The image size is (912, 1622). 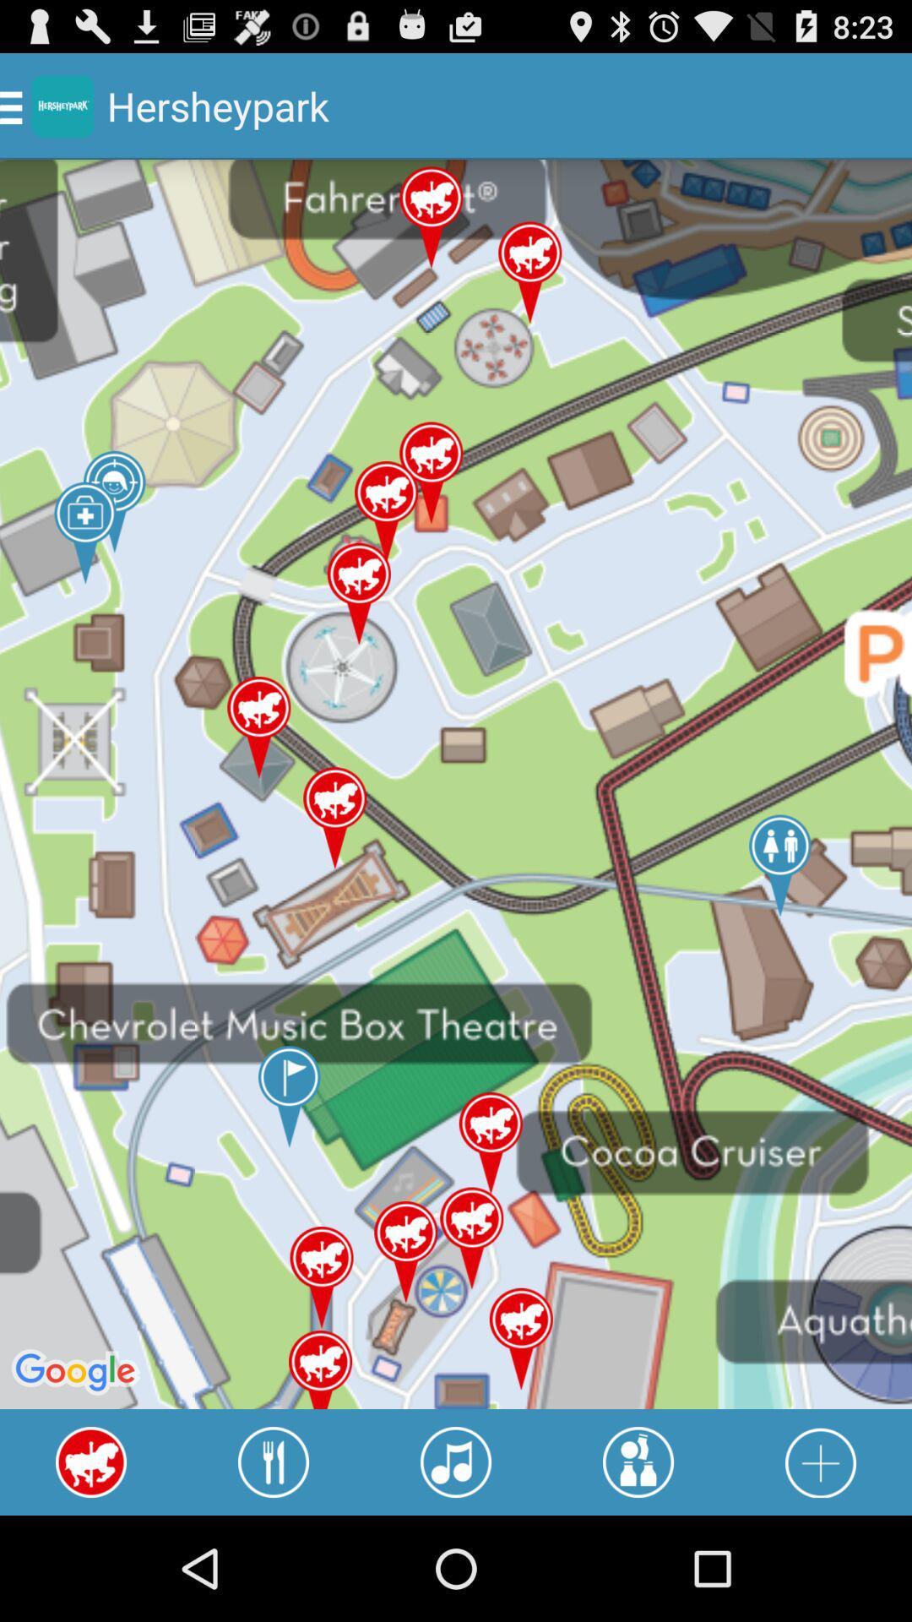 I want to click on press to add additional, so click(x=820, y=1461).